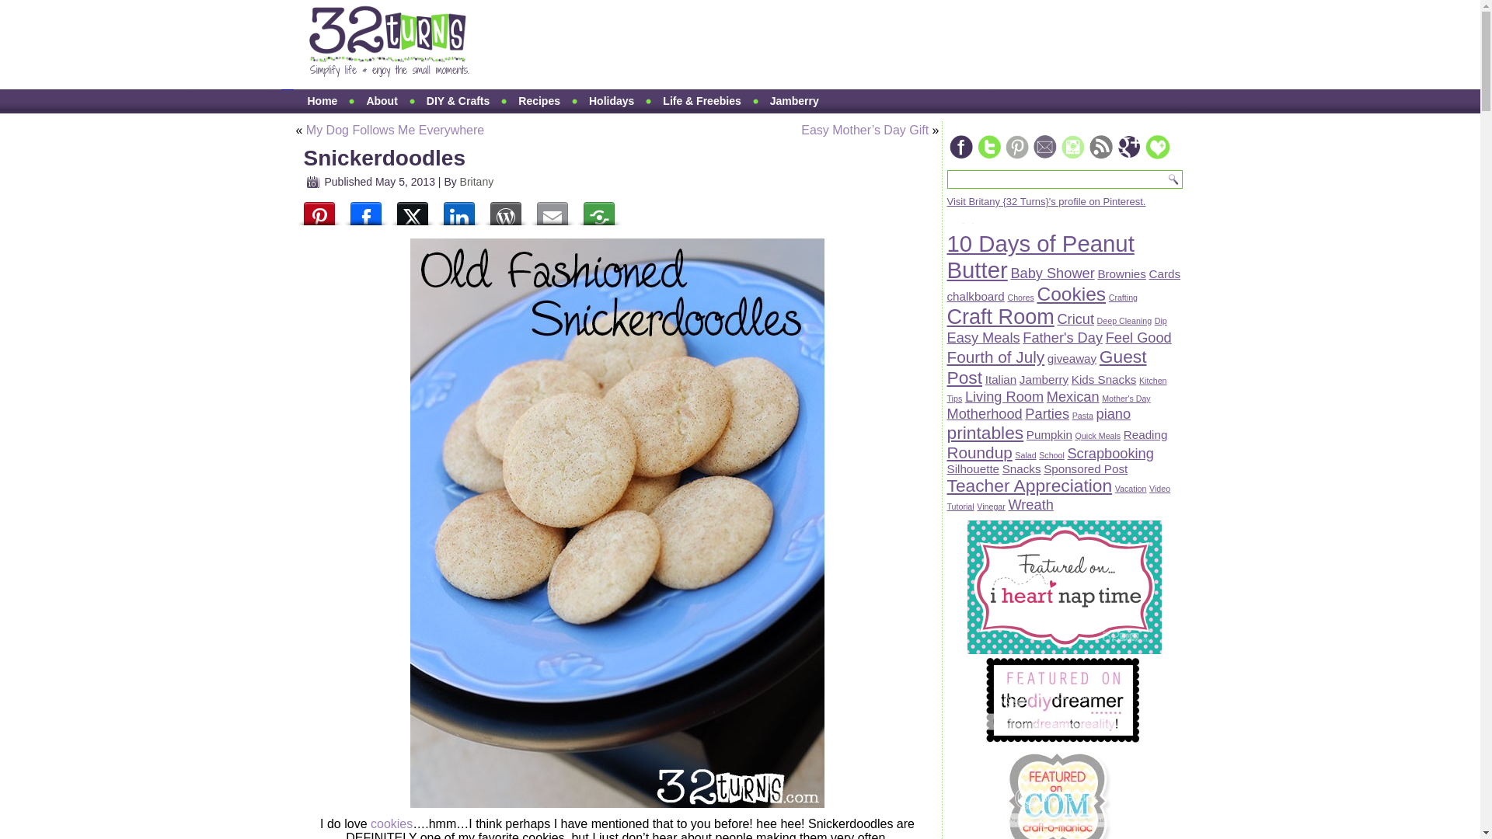 The height and width of the screenshot is (839, 1492). What do you see at coordinates (972, 468) in the screenshot?
I see `'Silhouette'` at bounding box center [972, 468].